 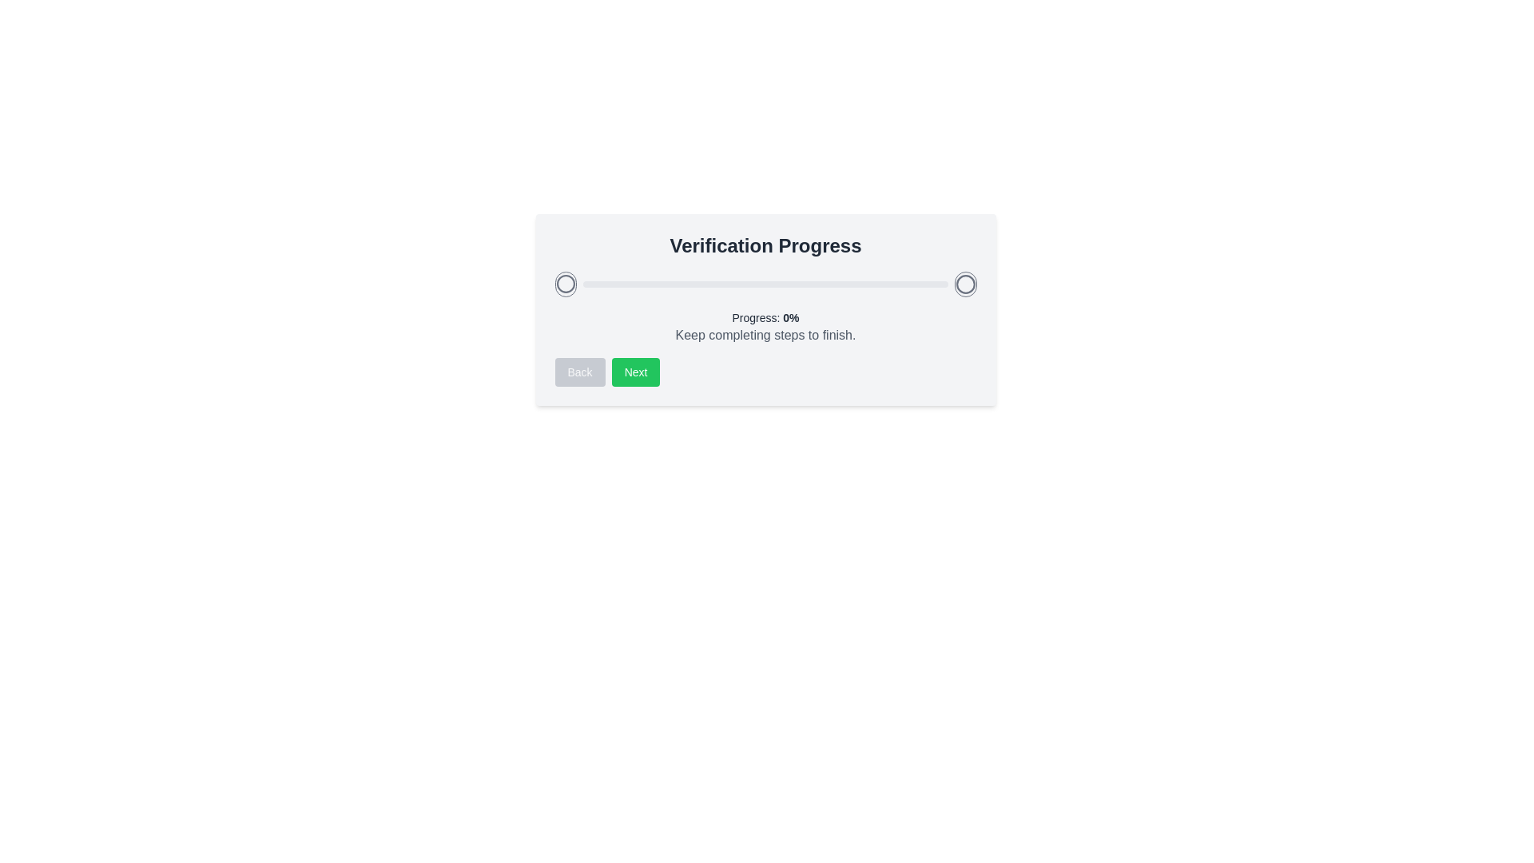 What do you see at coordinates (566, 283) in the screenshot?
I see `the circular icon with a gray border located on the leftmost side of a horizontal arrangement of elements` at bounding box center [566, 283].